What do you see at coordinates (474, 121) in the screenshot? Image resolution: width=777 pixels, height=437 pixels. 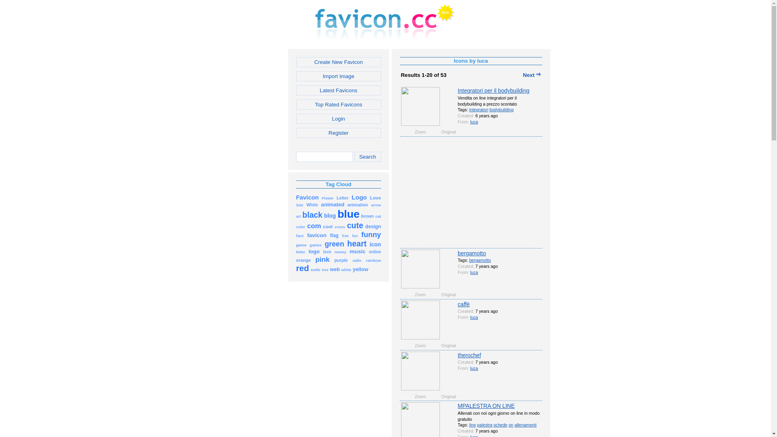 I see `'luca'` at bounding box center [474, 121].